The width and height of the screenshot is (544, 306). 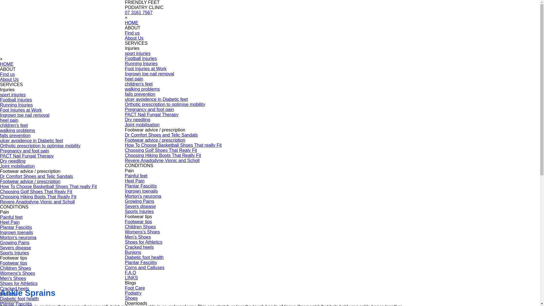 What do you see at coordinates (131, 277) in the screenshot?
I see `'LINKS'` at bounding box center [131, 277].